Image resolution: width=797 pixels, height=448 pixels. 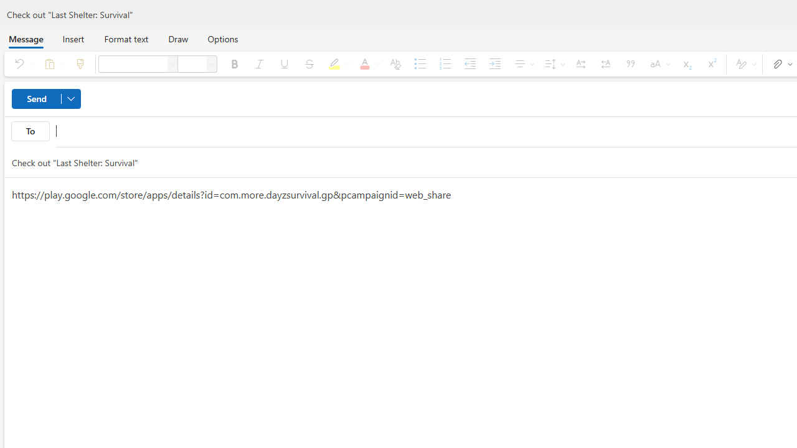 What do you see at coordinates (686, 63) in the screenshot?
I see `'Subscript'` at bounding box center [686, 63].